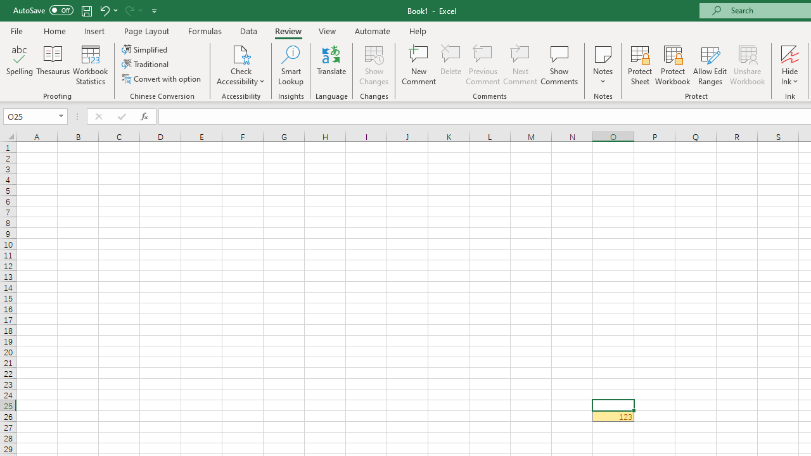  What do you see at coordinates (162, 79) in the screenshot?
I see `'Convert with option'` at bounding box center [162, 79].